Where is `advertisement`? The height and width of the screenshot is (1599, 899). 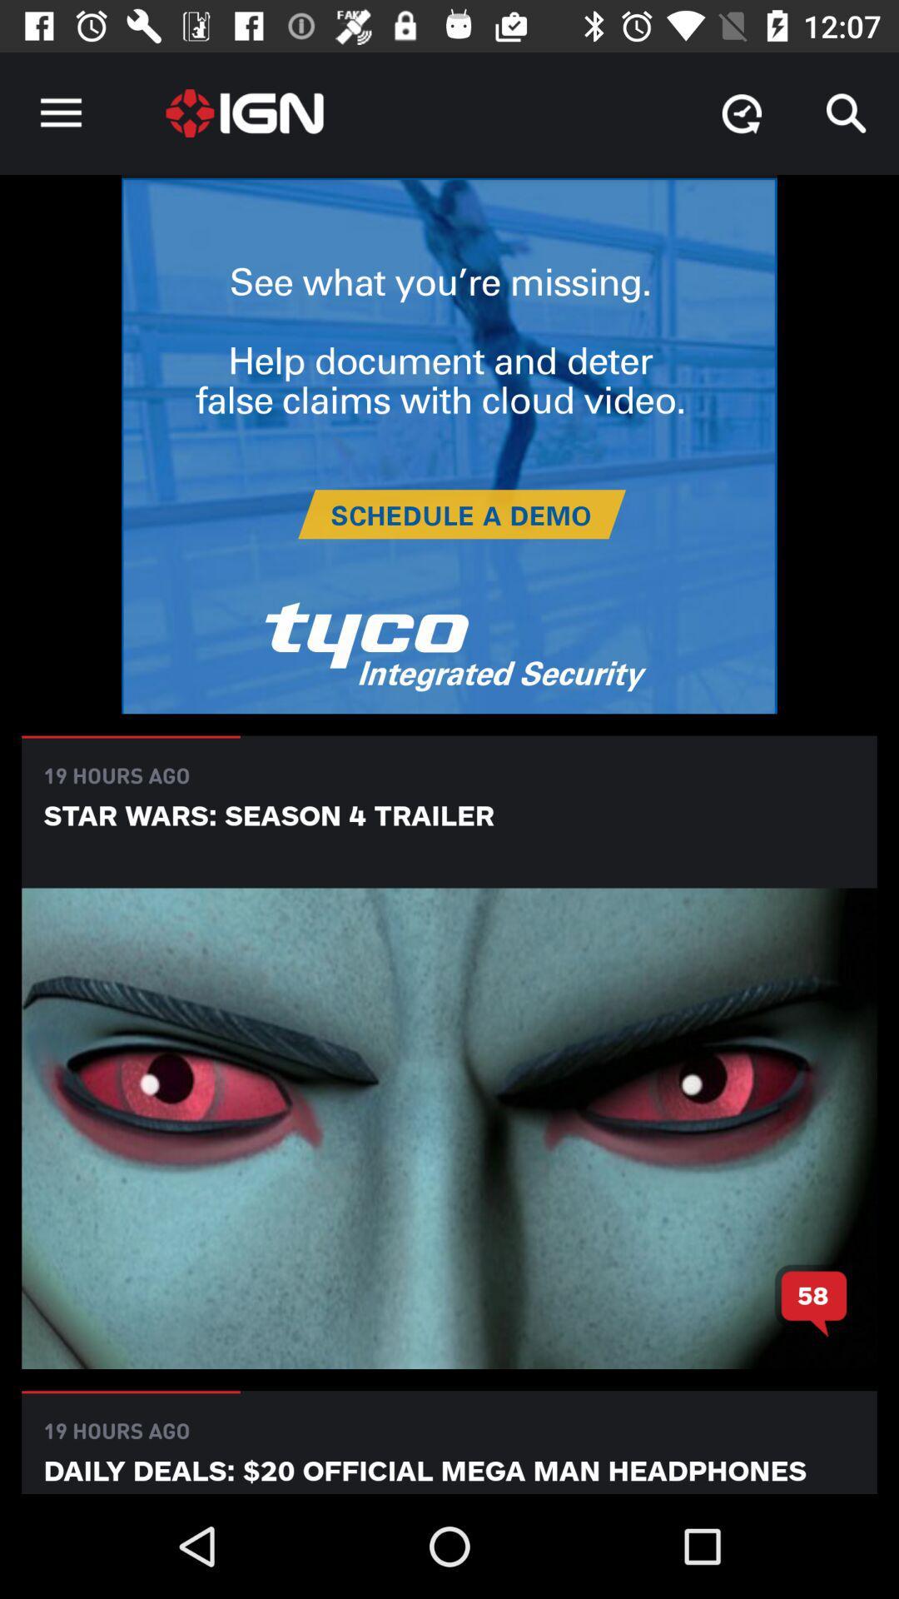 advertisement is located at coordinates (449, 446).